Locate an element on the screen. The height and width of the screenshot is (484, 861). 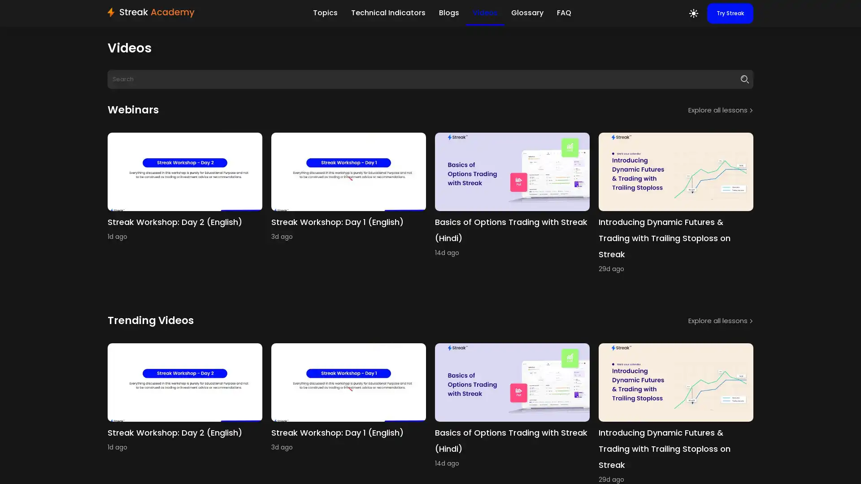
youtube Streak Workshop: Day 2 (English) 1d ago is located at coordinates (184, 204).